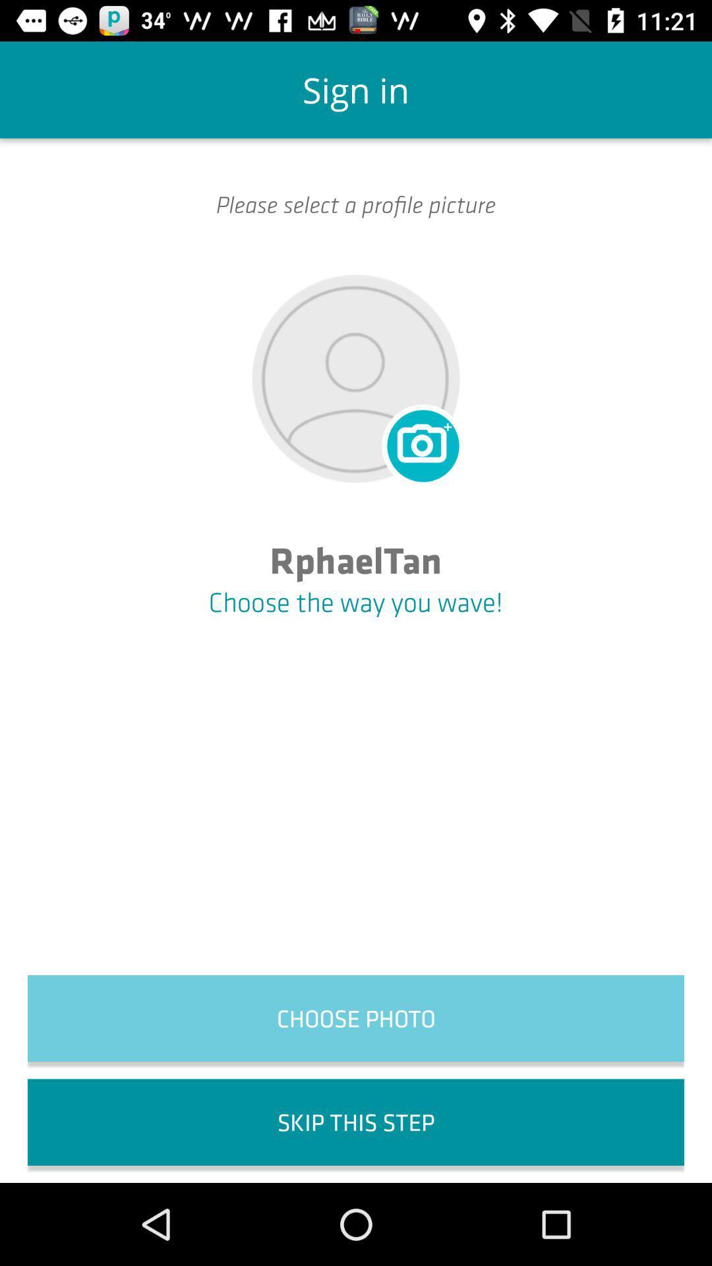 Image resolution: width=712 pixels, height=1266 pixels. Describe the element at coordinates (356, 1017) in the screenshot. I see `the choose photo item` at that location.